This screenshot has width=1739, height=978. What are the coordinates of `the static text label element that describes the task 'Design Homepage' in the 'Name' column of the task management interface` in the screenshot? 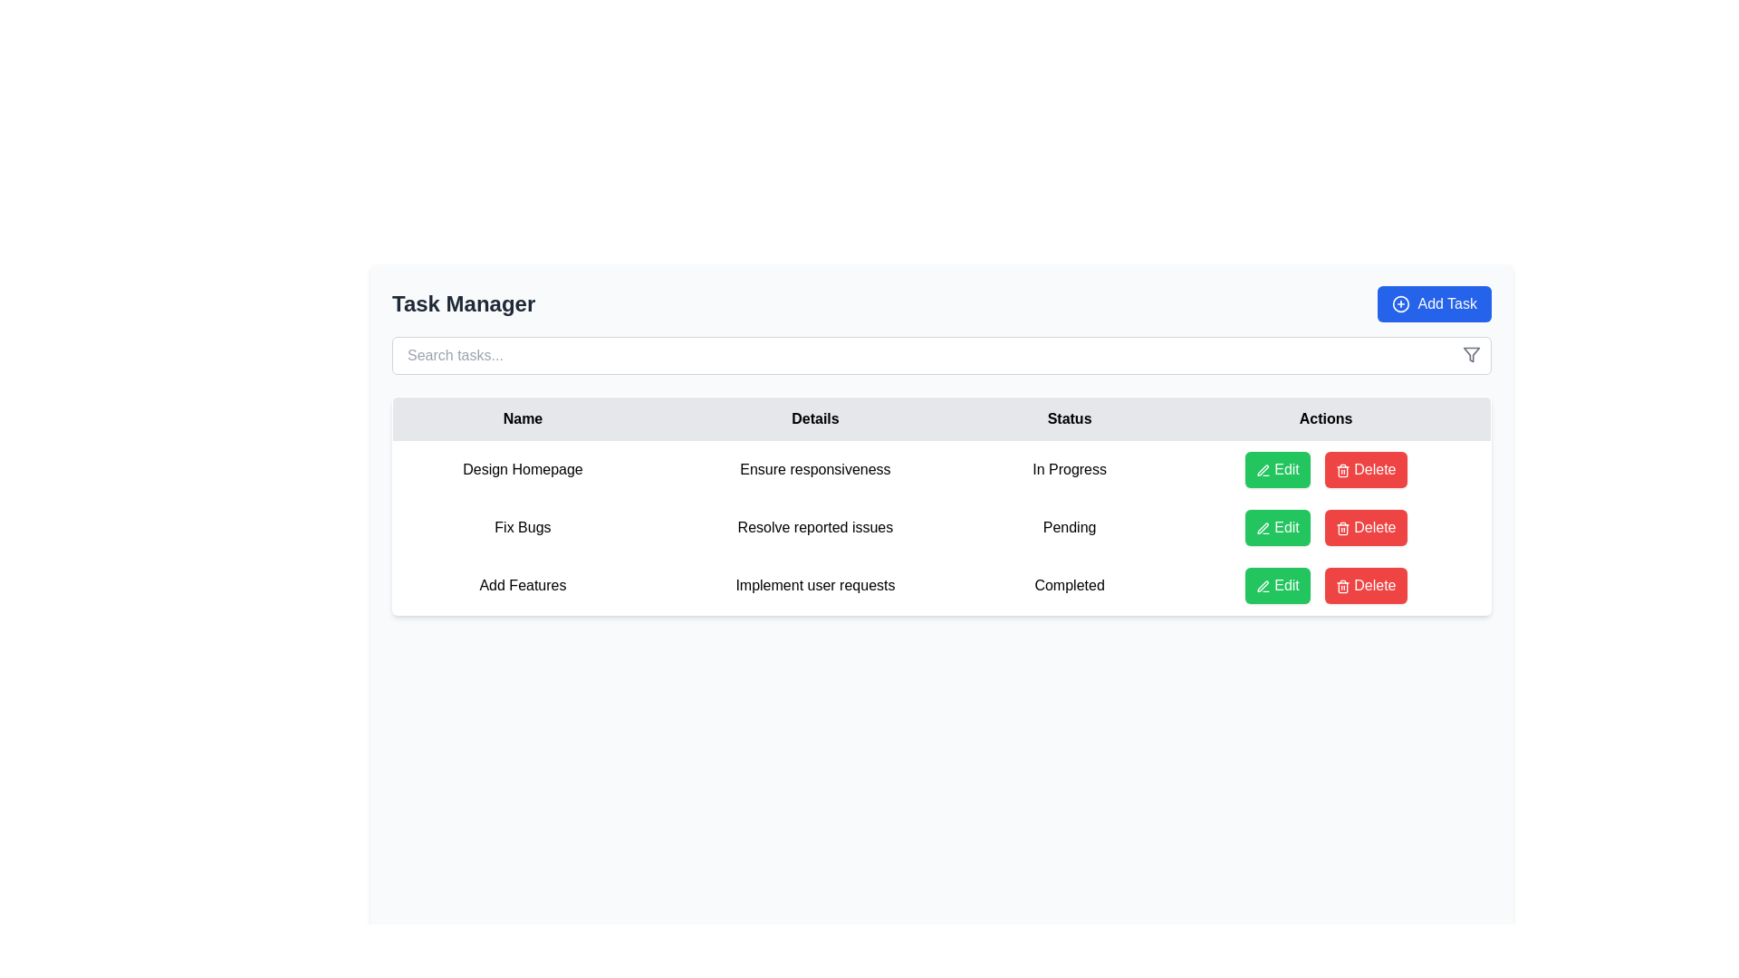 It's located at (522, 469).